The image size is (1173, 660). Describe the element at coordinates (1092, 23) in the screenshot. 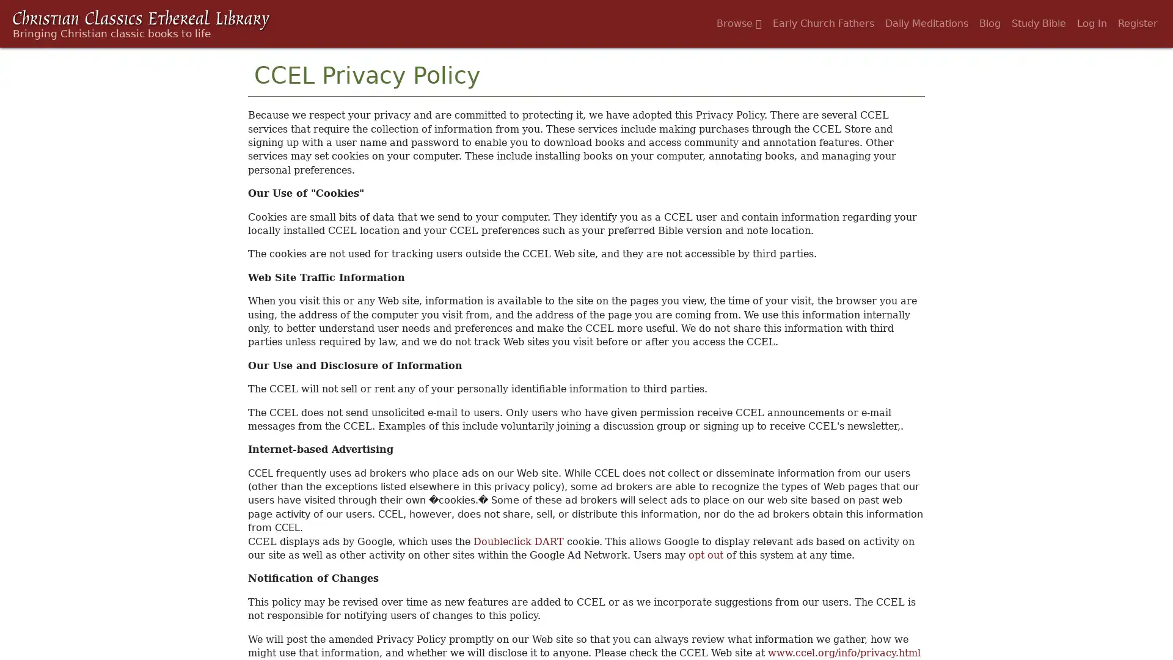

I see `Log In` at that location.